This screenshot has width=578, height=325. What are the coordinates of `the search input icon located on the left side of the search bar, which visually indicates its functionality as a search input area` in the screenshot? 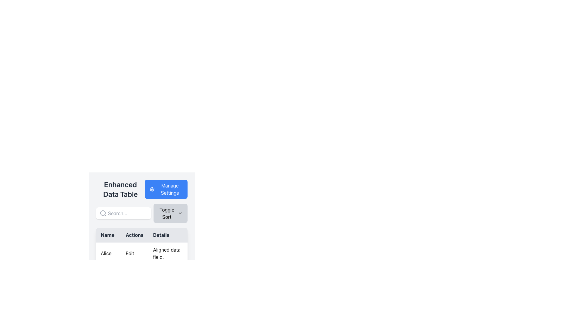 It's located at (103, 213).